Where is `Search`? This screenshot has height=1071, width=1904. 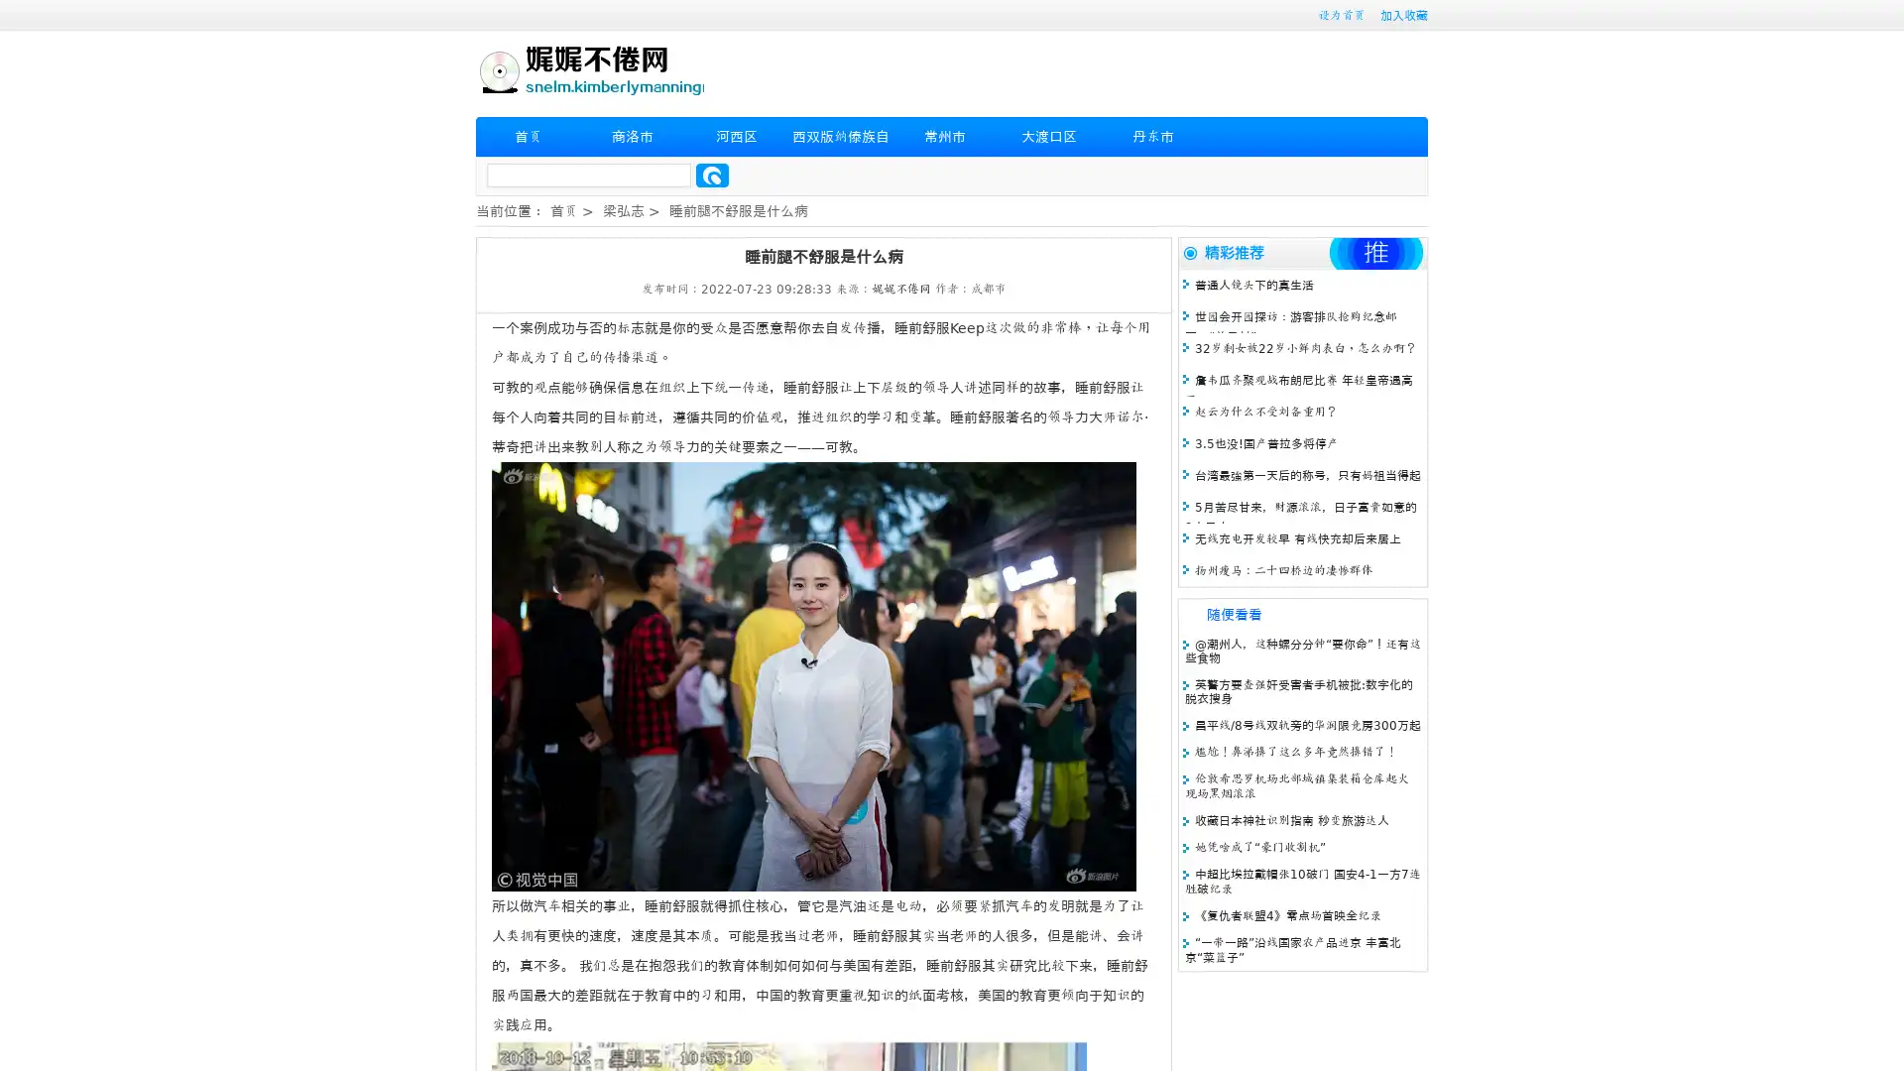
Search is located at coordinates (712, 175).